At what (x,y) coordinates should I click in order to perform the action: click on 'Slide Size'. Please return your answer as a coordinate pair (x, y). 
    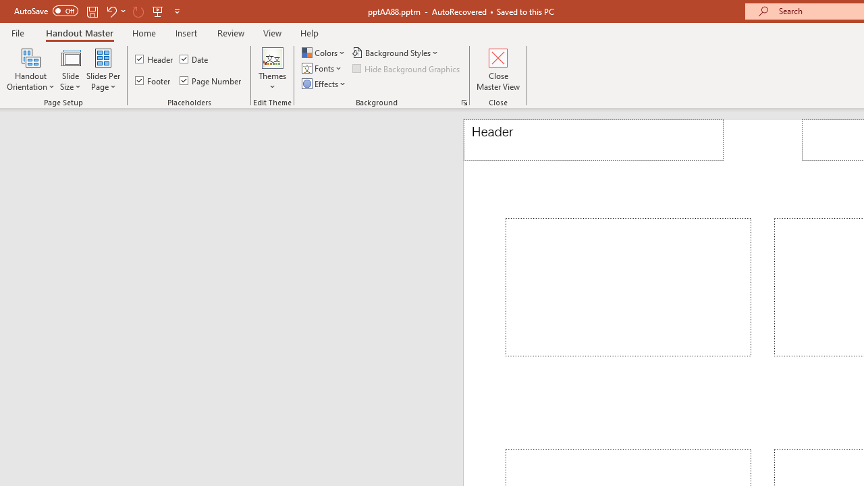
    Looking at the image, I should click on (70, 70).